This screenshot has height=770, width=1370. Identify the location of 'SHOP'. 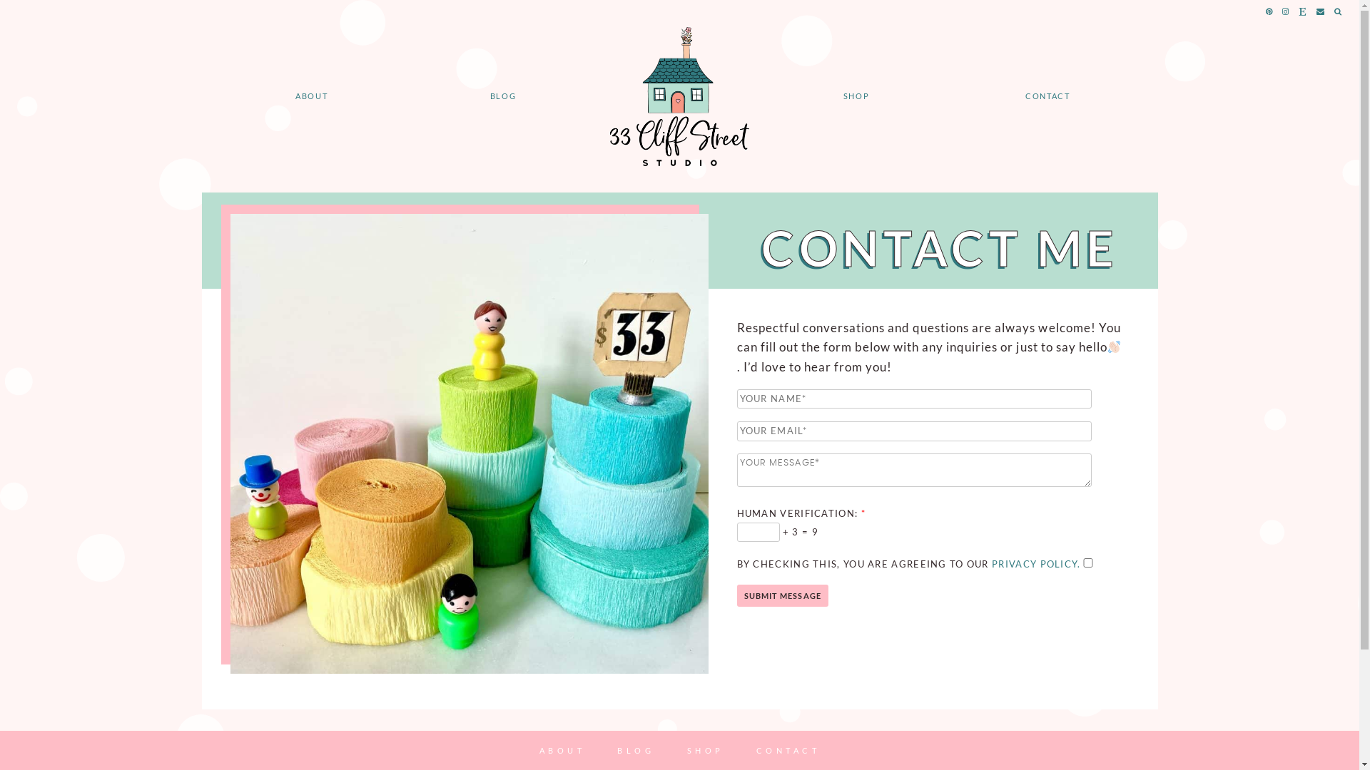
(856, 96).